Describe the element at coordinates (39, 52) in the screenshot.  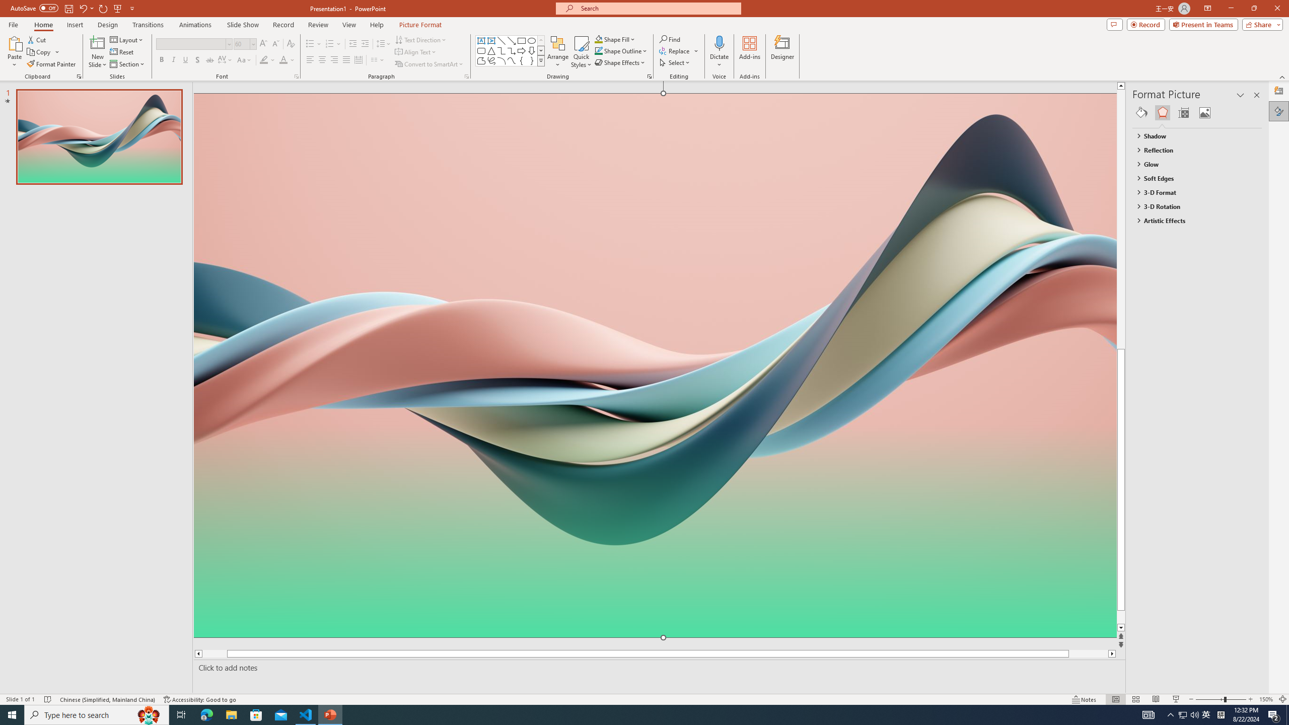
I see `'Copy'` at that location.